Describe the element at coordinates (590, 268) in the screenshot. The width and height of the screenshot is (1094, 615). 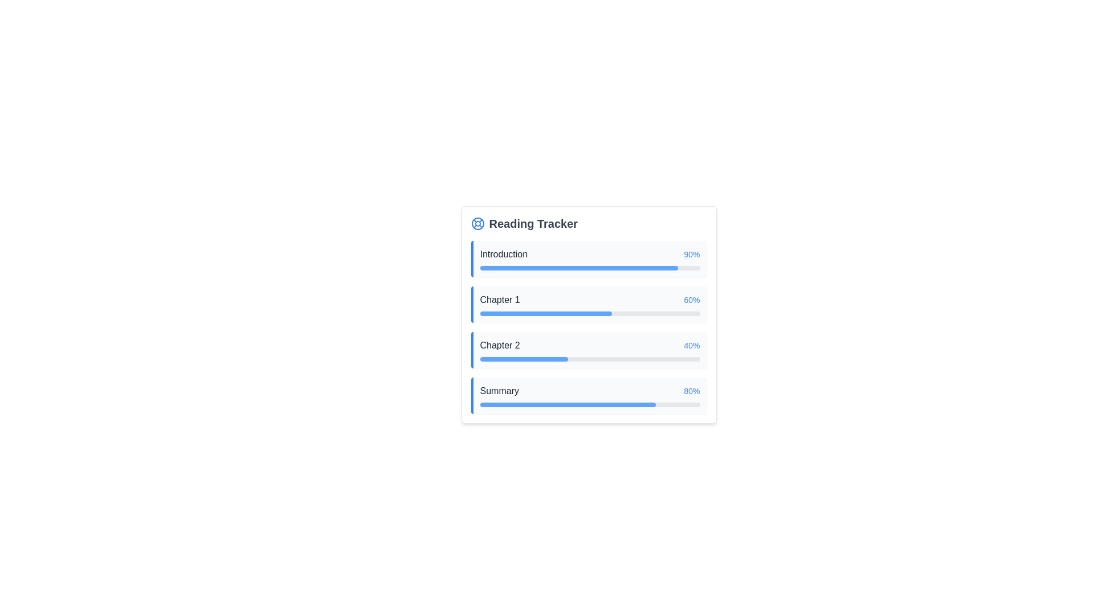
I see `the horizontal progress bar with rounded ends, styled with a gray background and a blue foreground bar, indicating 90% progress, located beneath the 'Introduction' label in the Reading Tracker interface` at that location.